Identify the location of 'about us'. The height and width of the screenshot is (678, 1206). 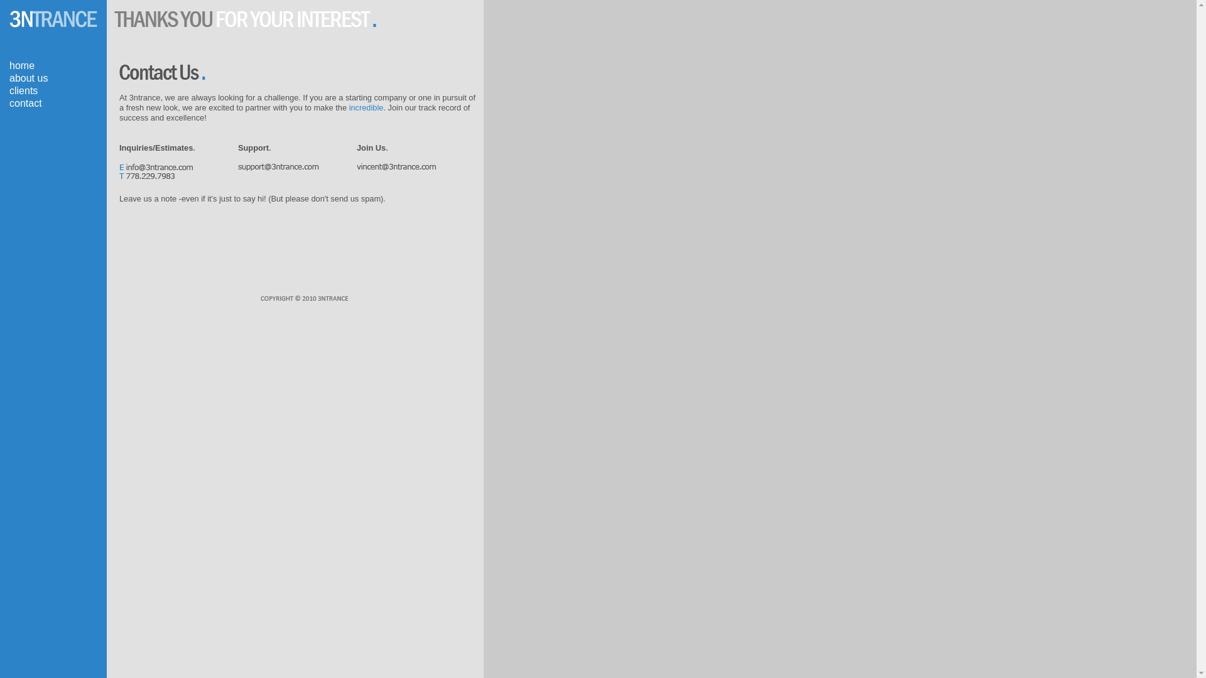
(28, 78).